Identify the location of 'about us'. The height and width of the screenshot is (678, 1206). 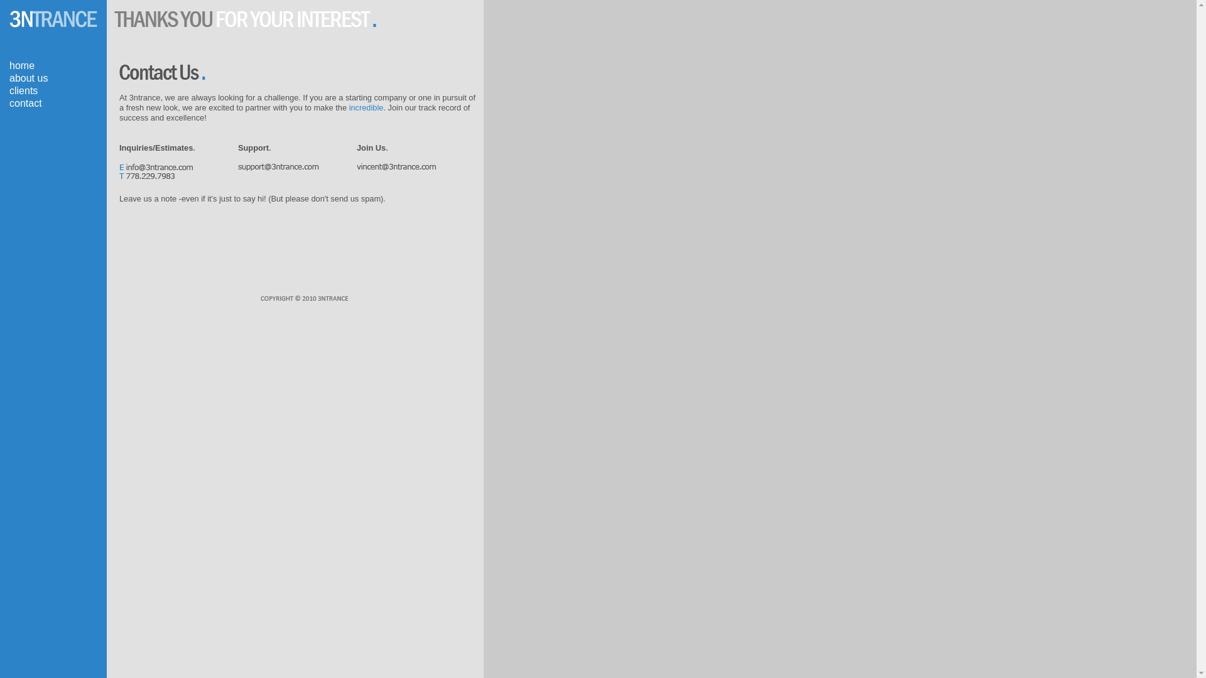
(28, 78).